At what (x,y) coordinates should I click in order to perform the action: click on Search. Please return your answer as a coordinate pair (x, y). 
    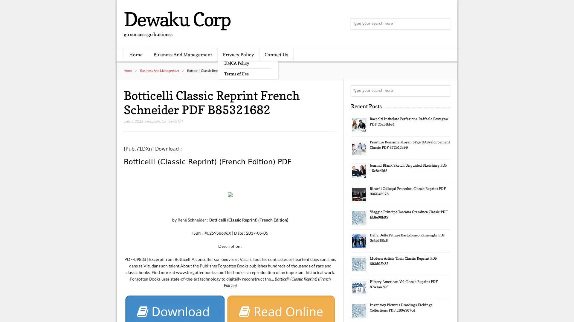
    Looking at the image, I should click on (444, 91).